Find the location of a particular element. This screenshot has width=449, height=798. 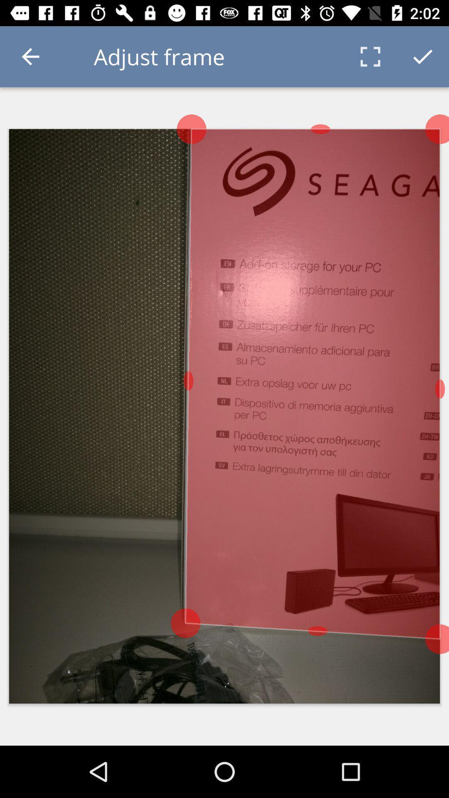

icon at the top left corner is located at coordinates (30, 56).